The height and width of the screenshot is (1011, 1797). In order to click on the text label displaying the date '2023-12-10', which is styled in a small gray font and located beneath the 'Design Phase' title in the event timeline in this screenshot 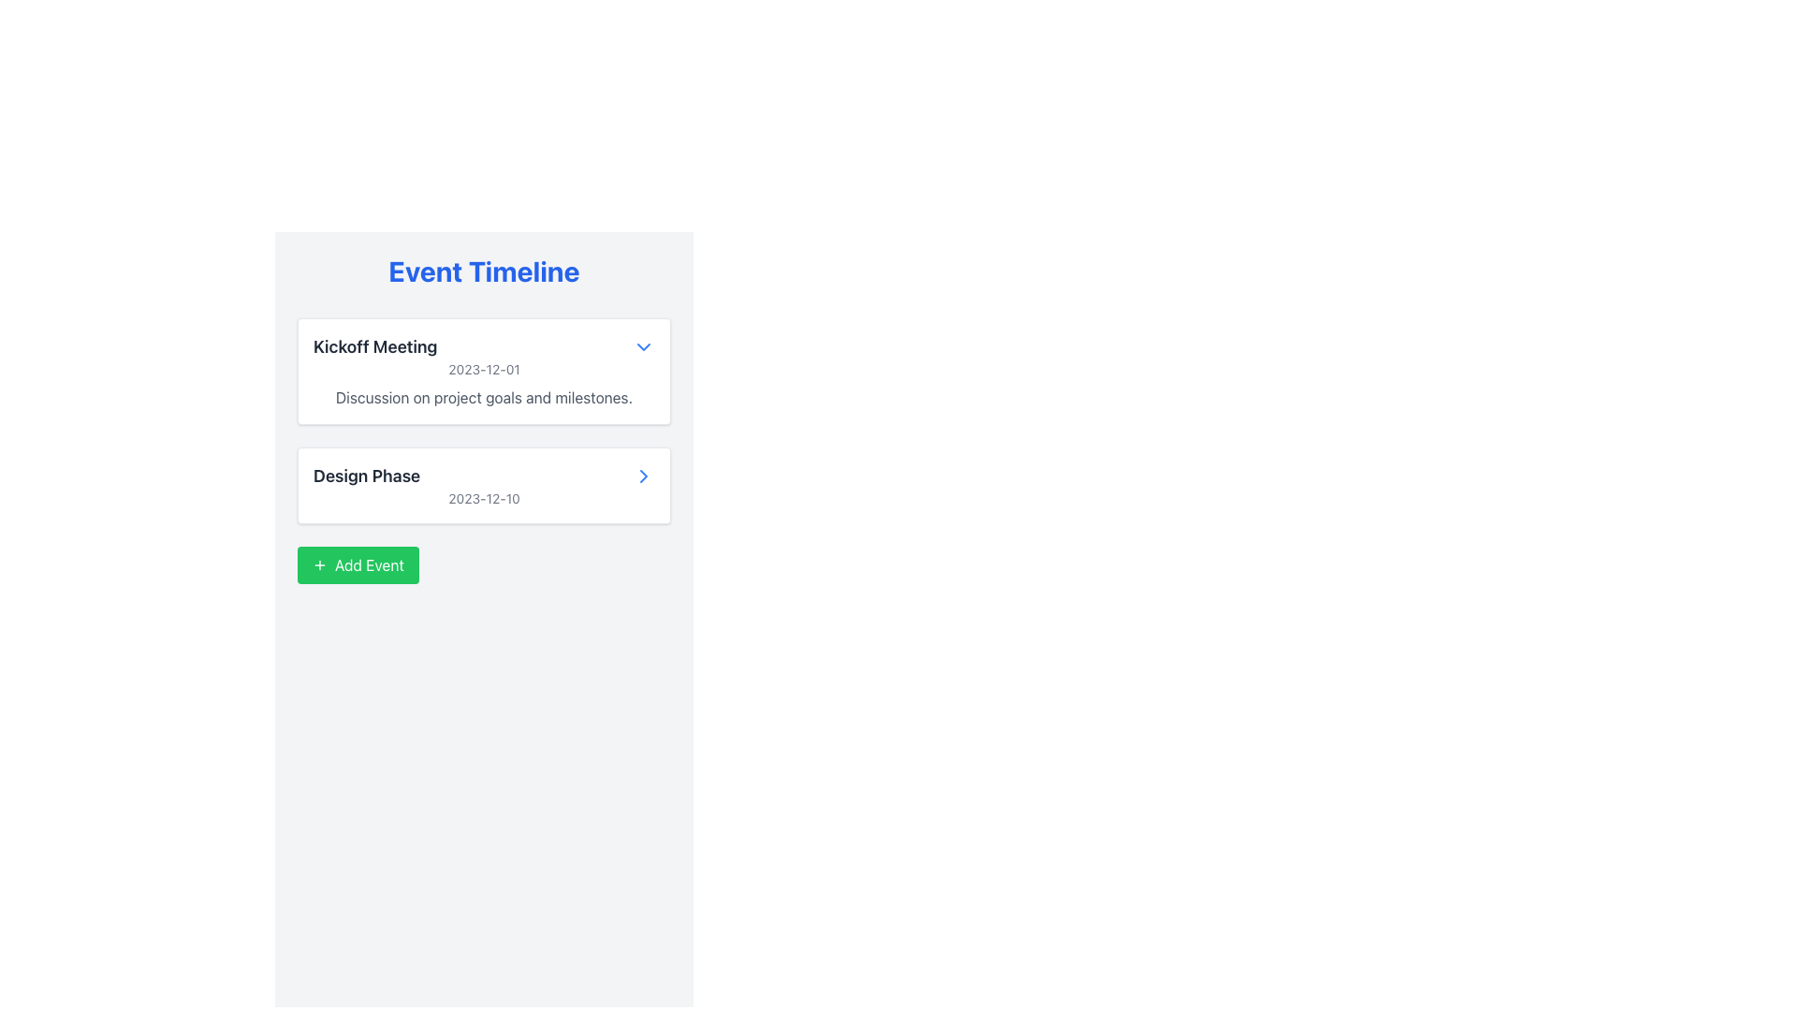, I will do `click(484, 497)`.